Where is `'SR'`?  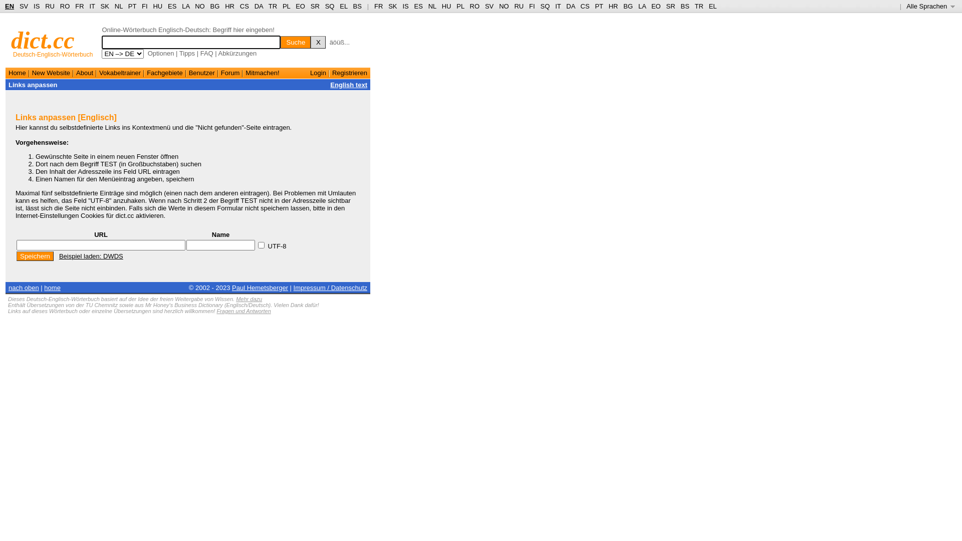 'SR' is located at coordinates (314, 6).